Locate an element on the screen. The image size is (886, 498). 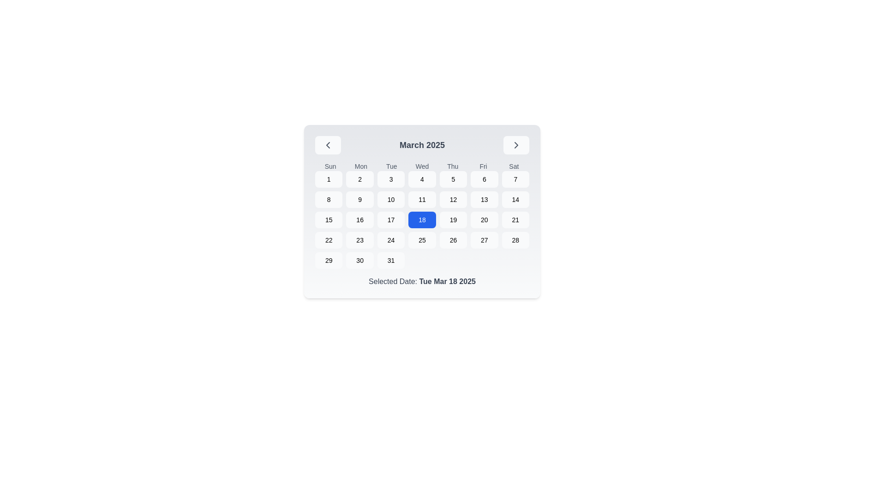
the selectable grid cell that represents the date '12' in the March 2025 calendar interface is located at coordinates (453, 199).